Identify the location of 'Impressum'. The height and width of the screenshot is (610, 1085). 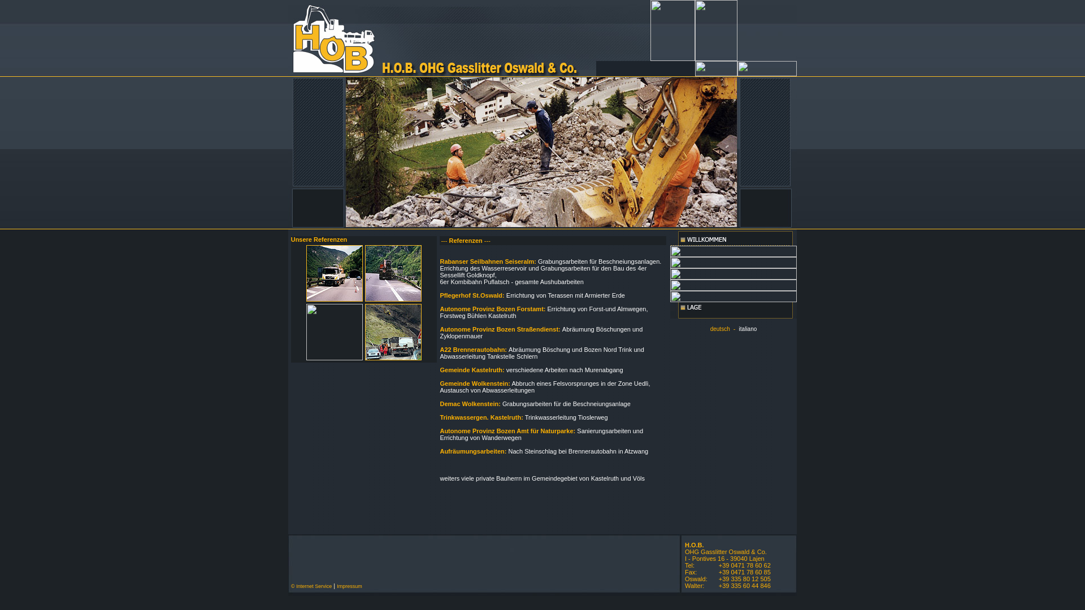
(349, 585).